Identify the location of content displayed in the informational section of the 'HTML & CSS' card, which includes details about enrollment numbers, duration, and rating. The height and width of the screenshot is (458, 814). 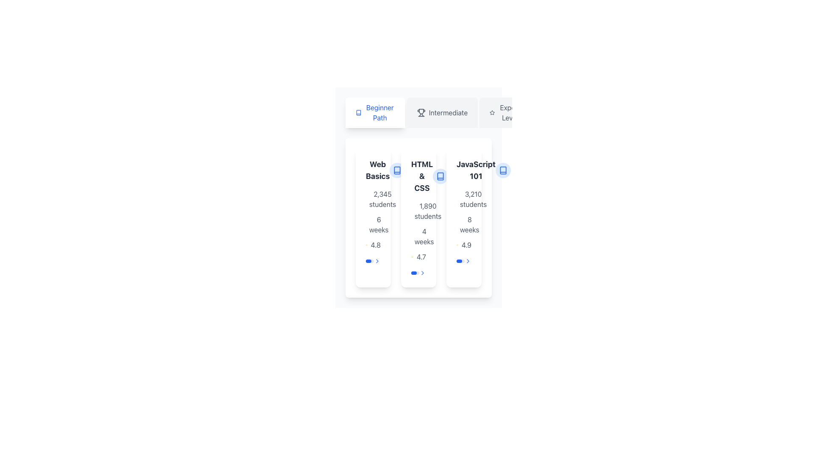
(418, 232).